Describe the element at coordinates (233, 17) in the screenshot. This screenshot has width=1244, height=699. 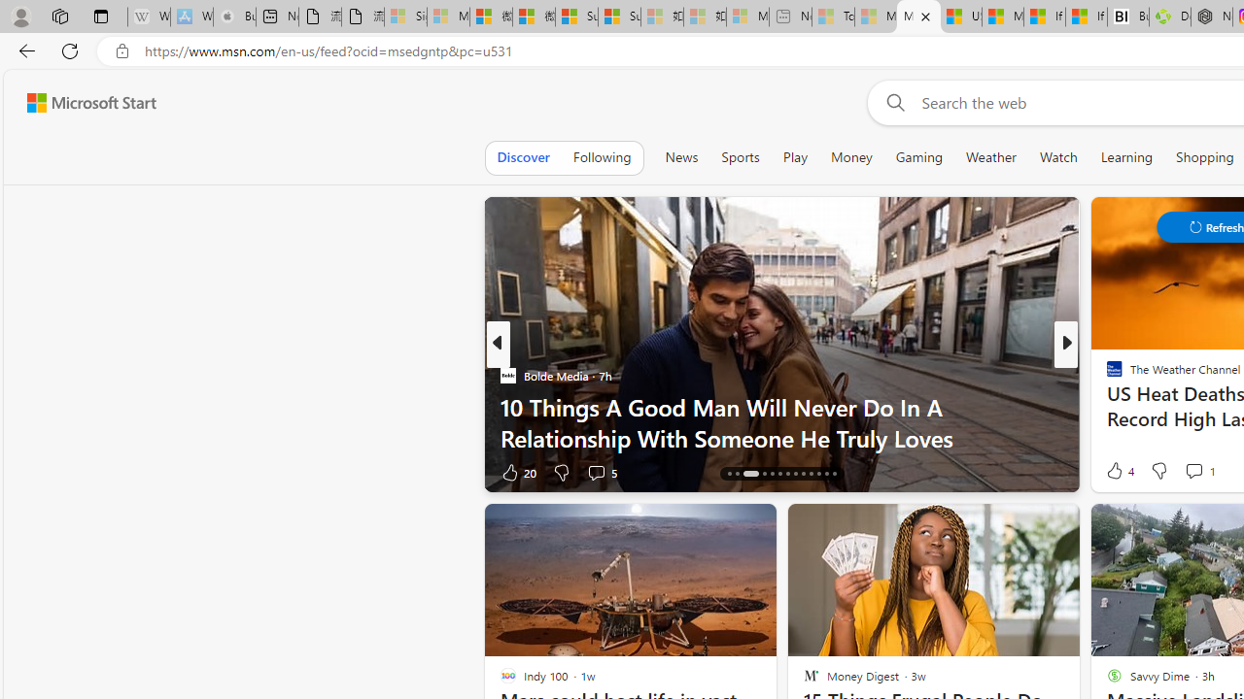
I see `'Buy iPad - Apple - Sleeping'` at that location.